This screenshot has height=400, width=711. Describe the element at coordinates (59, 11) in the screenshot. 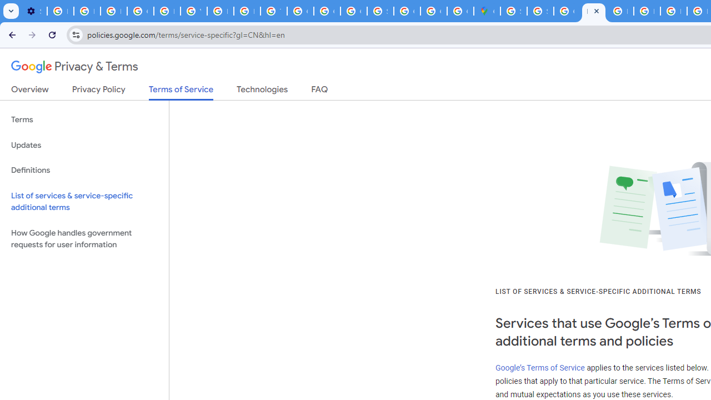

I see `'Delete photos & videos - Computer - Google Photos Help'` at that location.